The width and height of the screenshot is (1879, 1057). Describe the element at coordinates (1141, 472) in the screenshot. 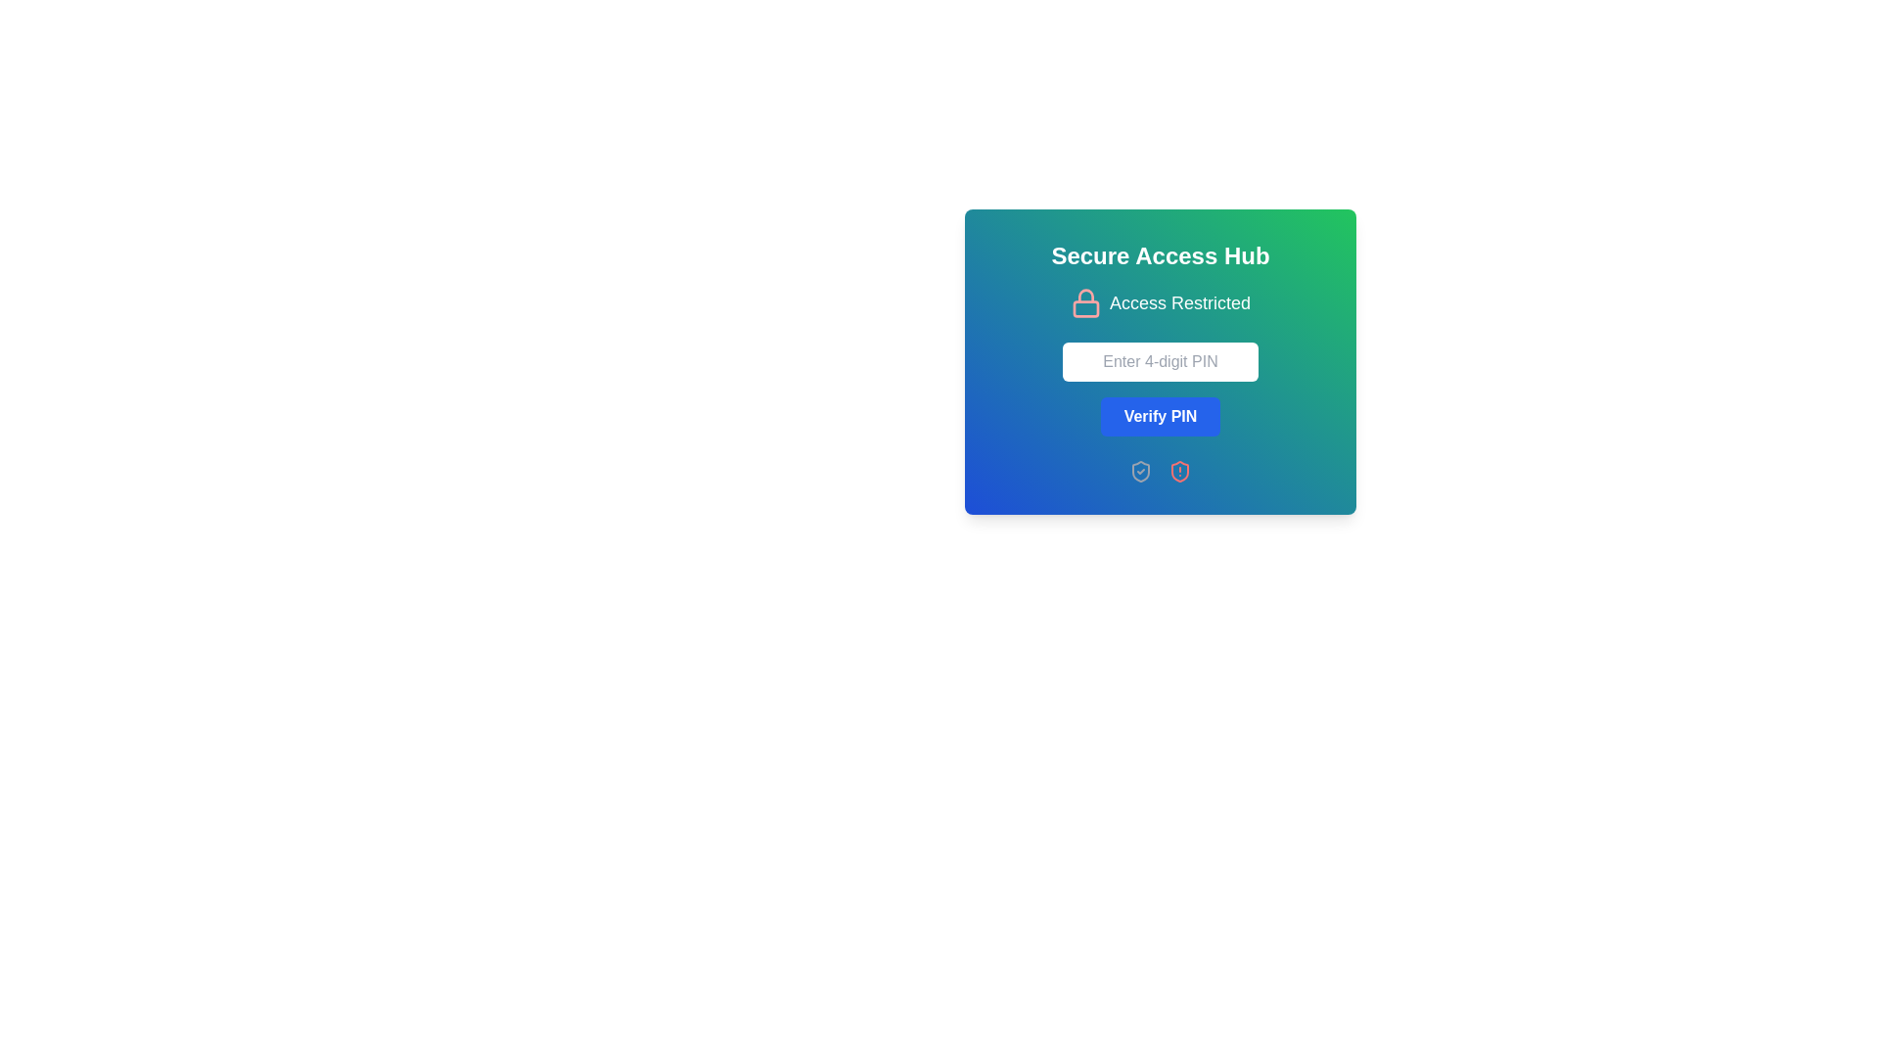

I see `the security or verification icon located in the lower center section of the card interface` at that location.